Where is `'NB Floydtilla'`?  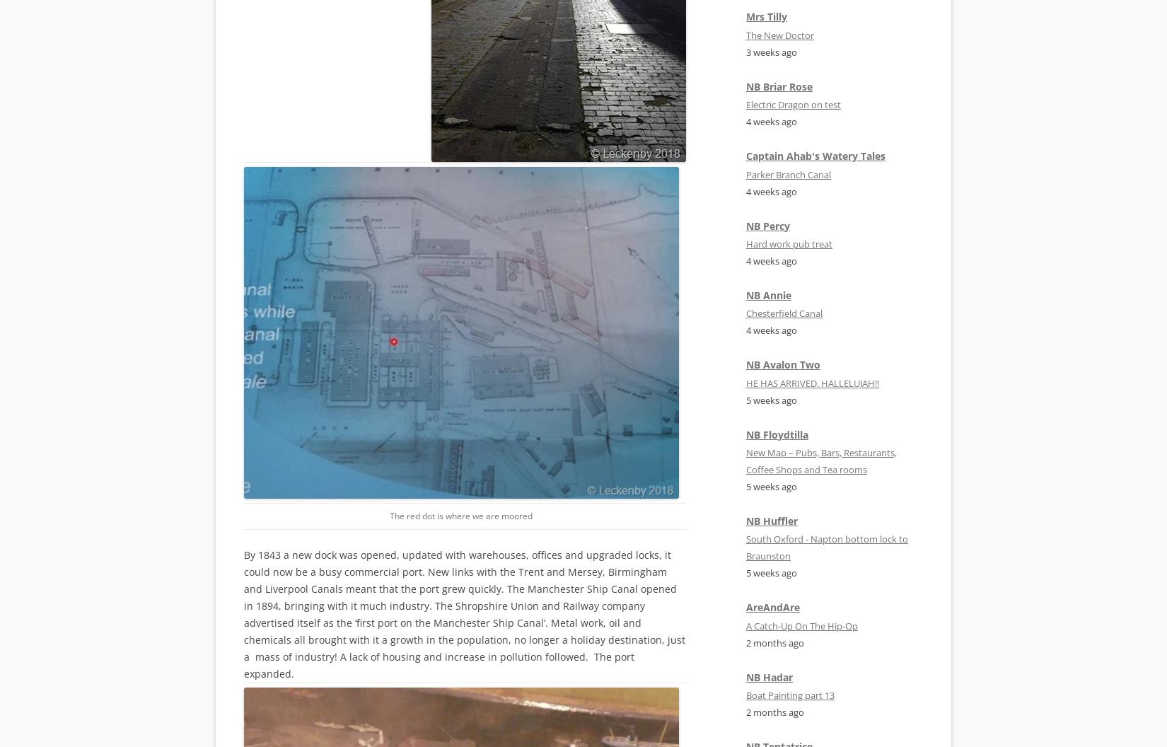
'NB Floydtilla' is located at coordinates (777, 433).